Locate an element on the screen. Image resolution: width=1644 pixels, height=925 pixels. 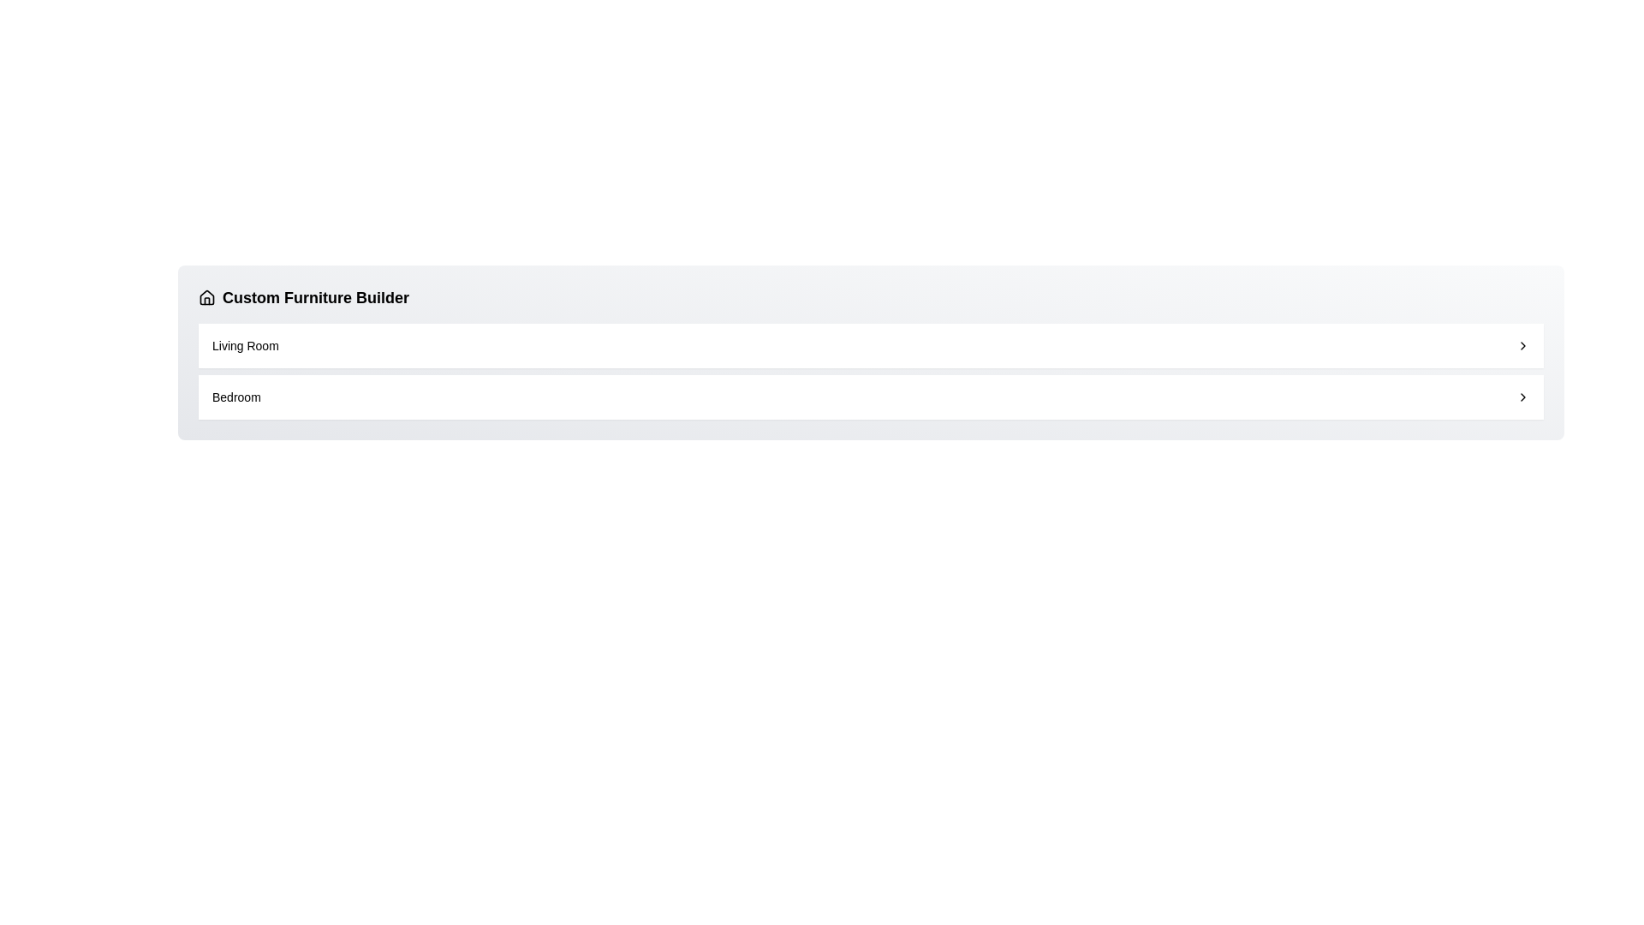
the right-facing chevron icon located at the end of the 'Bedroom' row is located at coordinates (1523, 397).